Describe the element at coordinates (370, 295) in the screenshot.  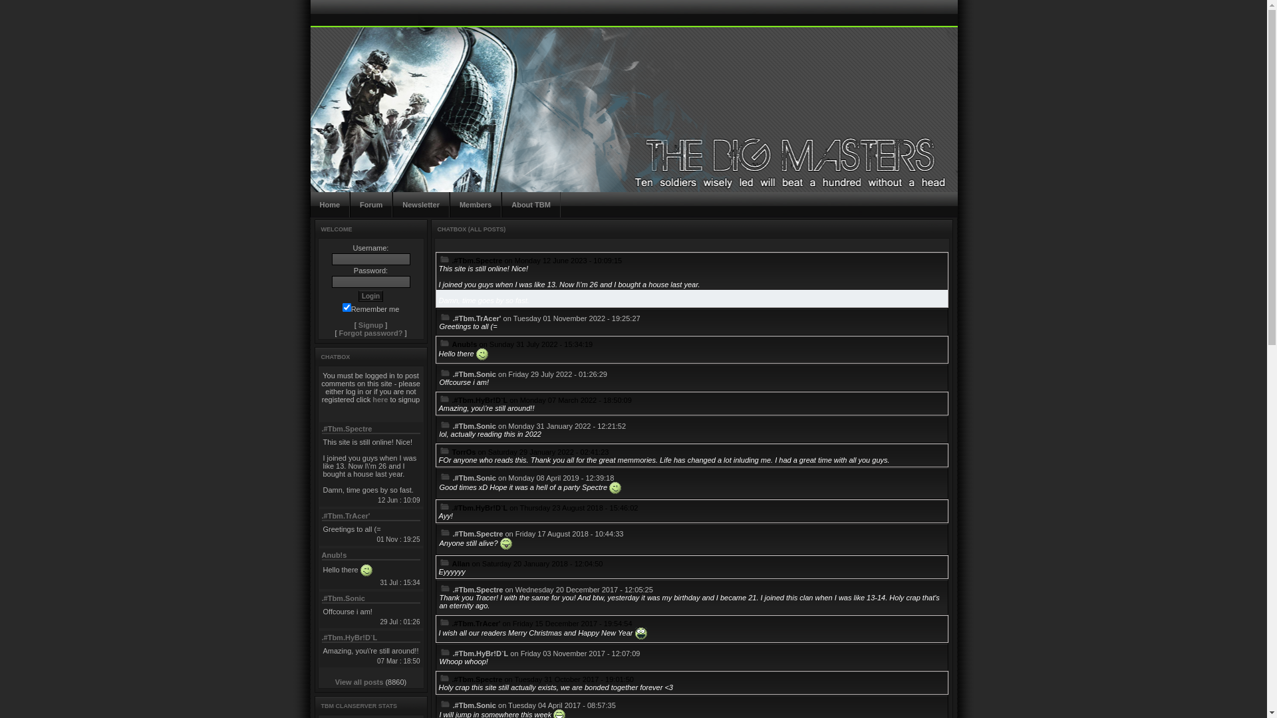
I see `'Login'` at that location.